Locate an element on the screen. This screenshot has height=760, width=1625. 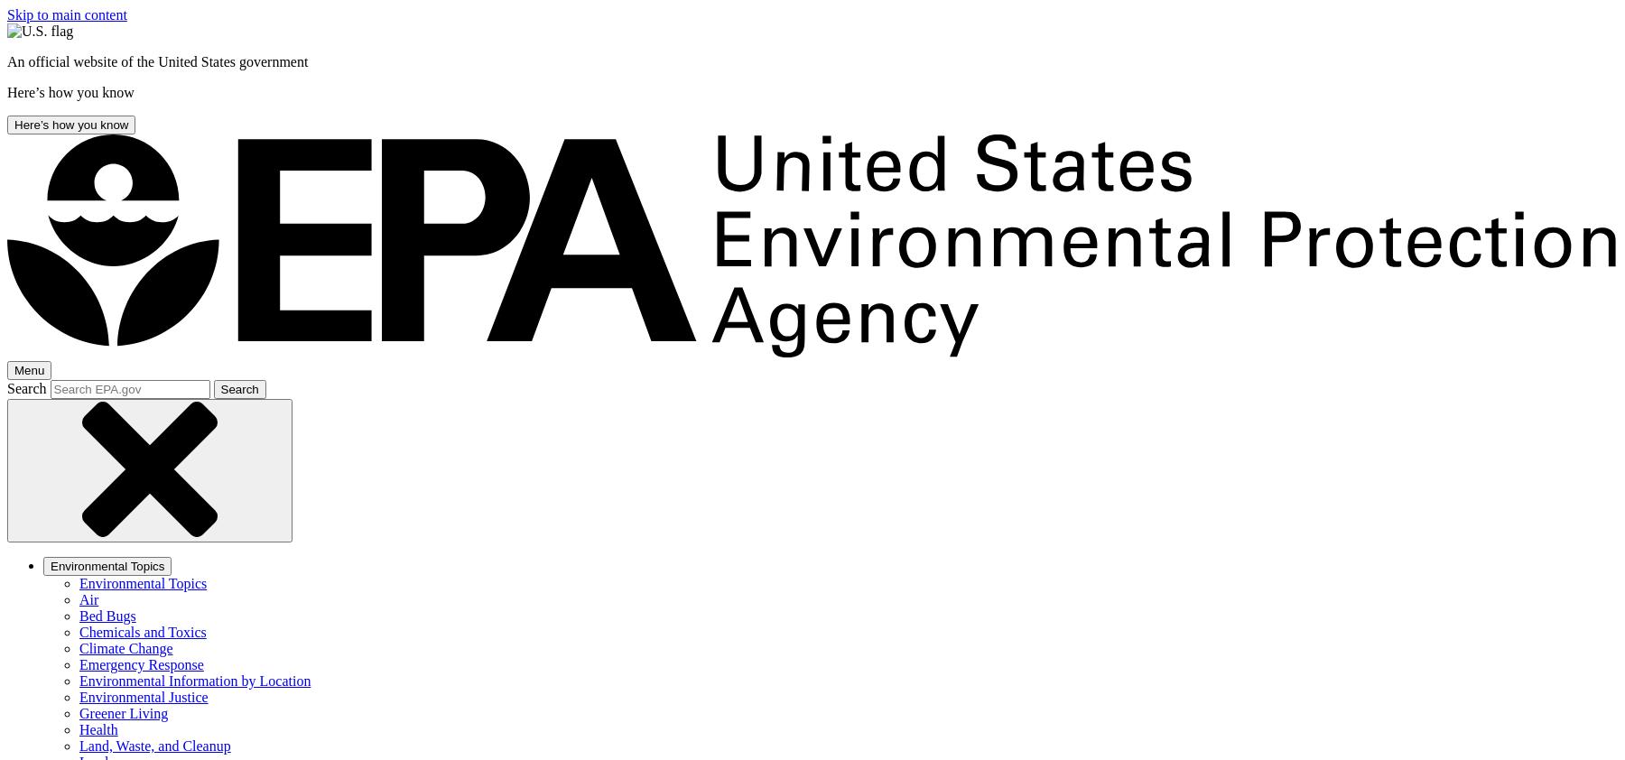
'Health' is located at coordinates (97, 729).